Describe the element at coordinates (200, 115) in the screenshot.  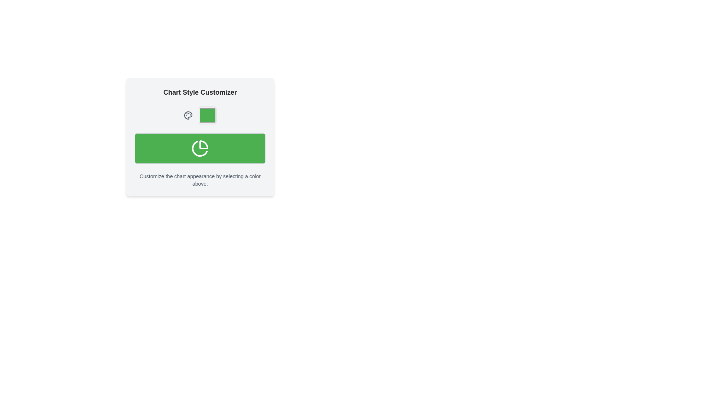
I see `the Color Selection Element with a green background, located in the 'Chart Style Customizer' panel, which is the second item in a horizontal arrangement` at that location.